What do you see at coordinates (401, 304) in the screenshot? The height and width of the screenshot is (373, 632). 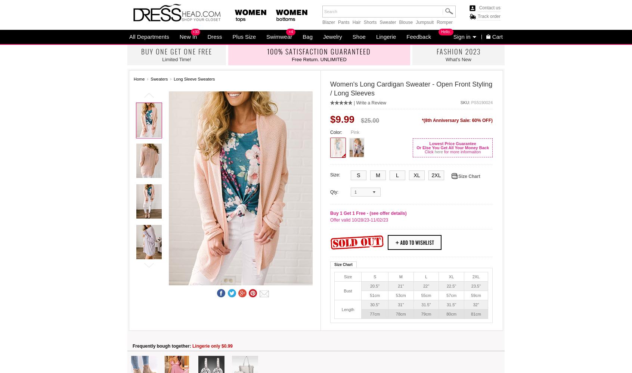 I see `'31"'` at bounding box center [401, 304].